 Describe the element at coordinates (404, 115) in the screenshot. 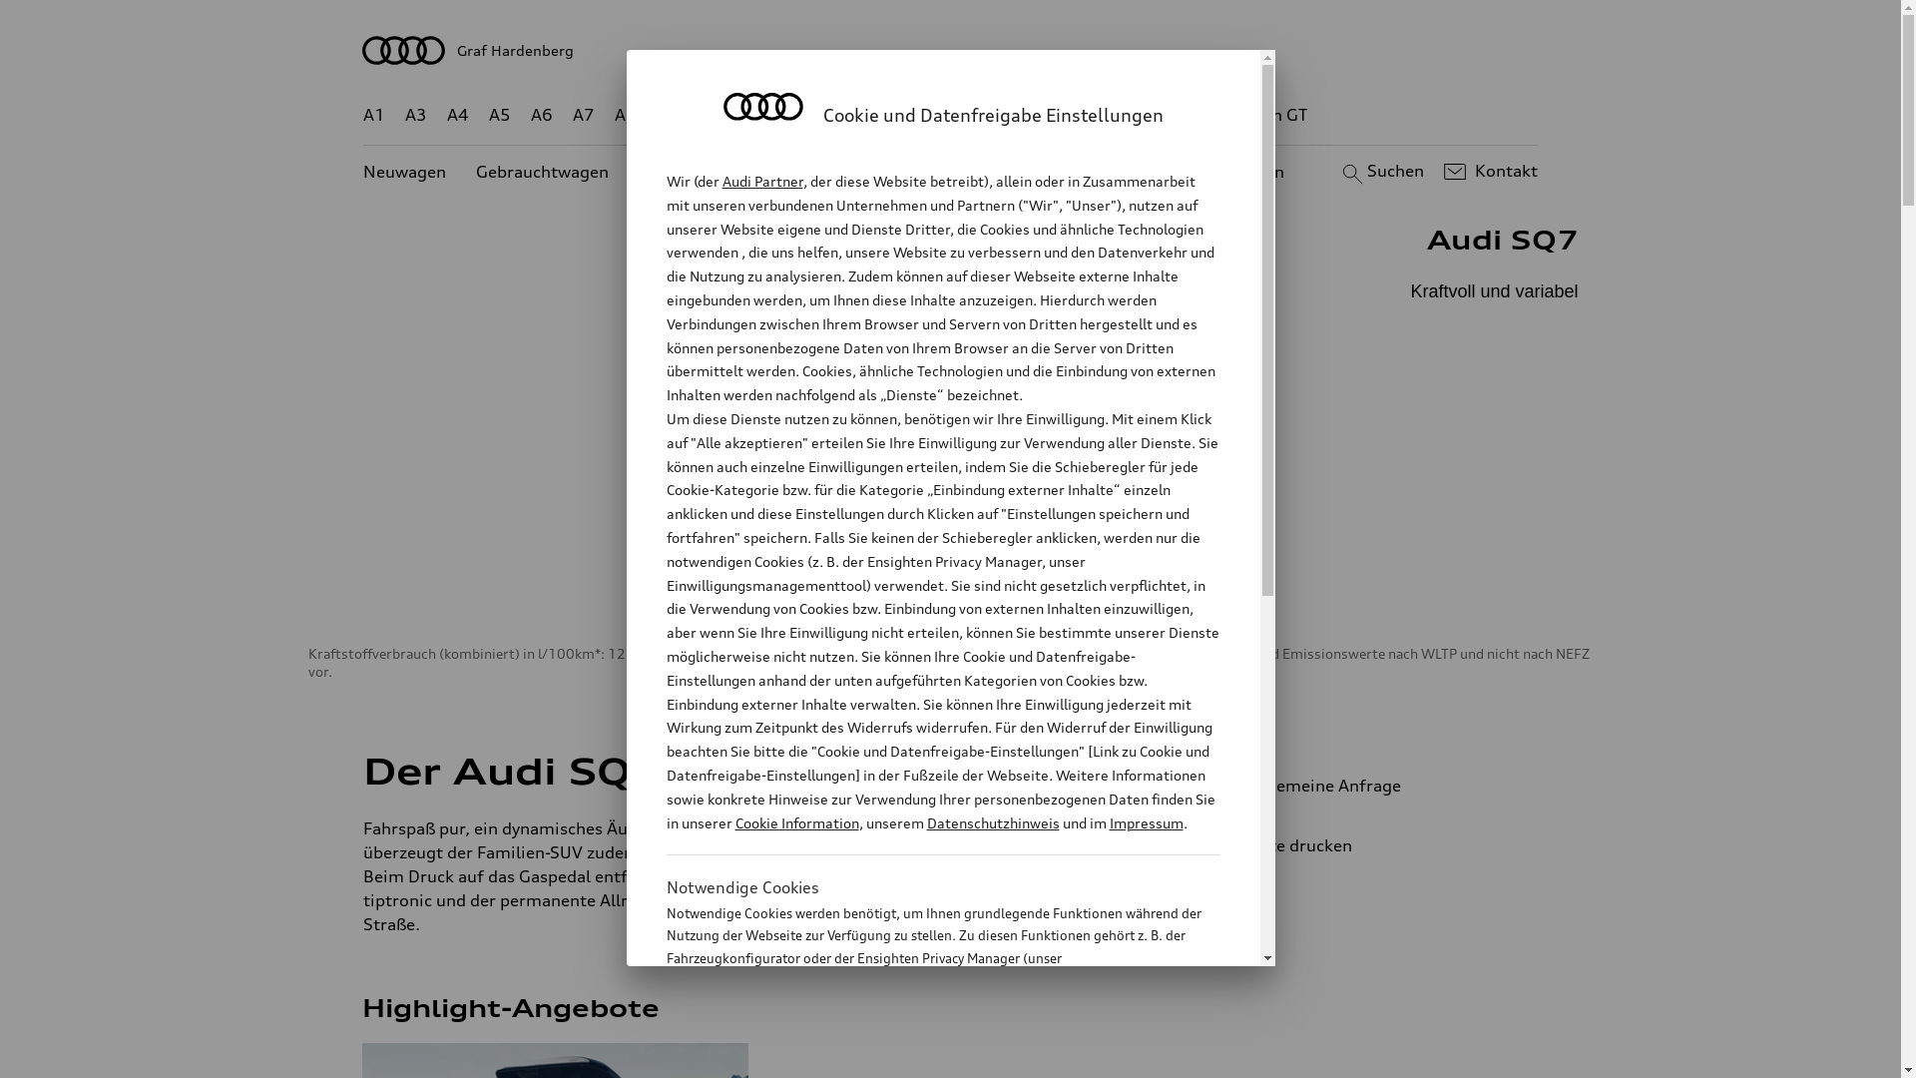

I see `'A3'` at that location.